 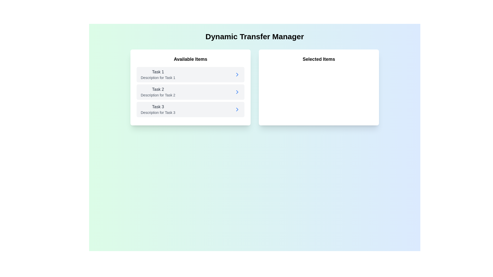 What do you see at coordinates (158, 72) in the screenshot?
I see `the text label reading 'Task 1', which is styled as a title in gray color and is the first item in the 'Available Items' list` at bounding box center [158, 72].